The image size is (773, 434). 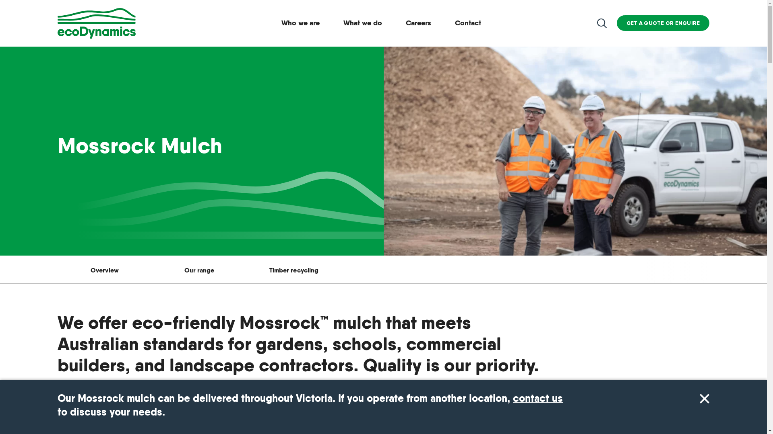 I want to click on 'Contact', so click(x=468, y=23).